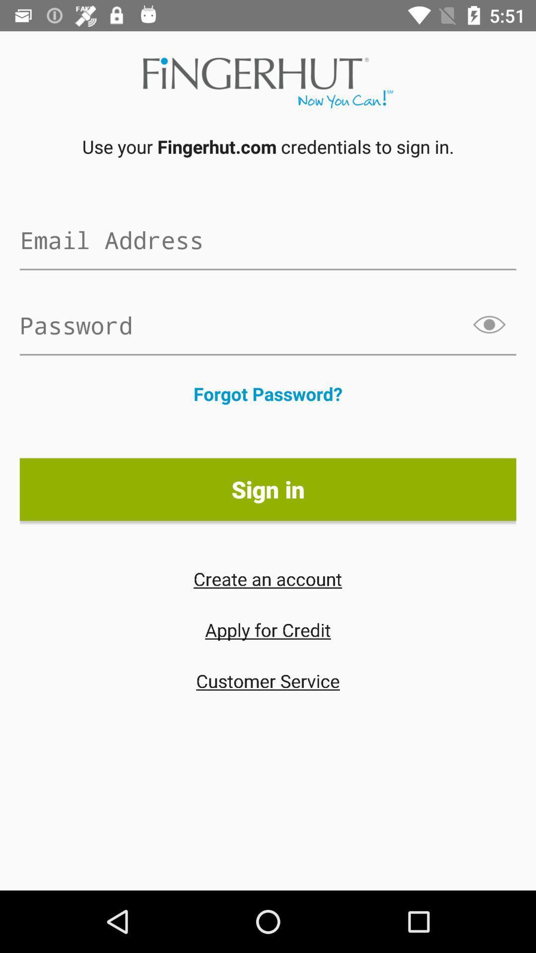  Describe the element at coordinates (267, 579) in the screenshot. I see `the icon above apply for credit` at that location.